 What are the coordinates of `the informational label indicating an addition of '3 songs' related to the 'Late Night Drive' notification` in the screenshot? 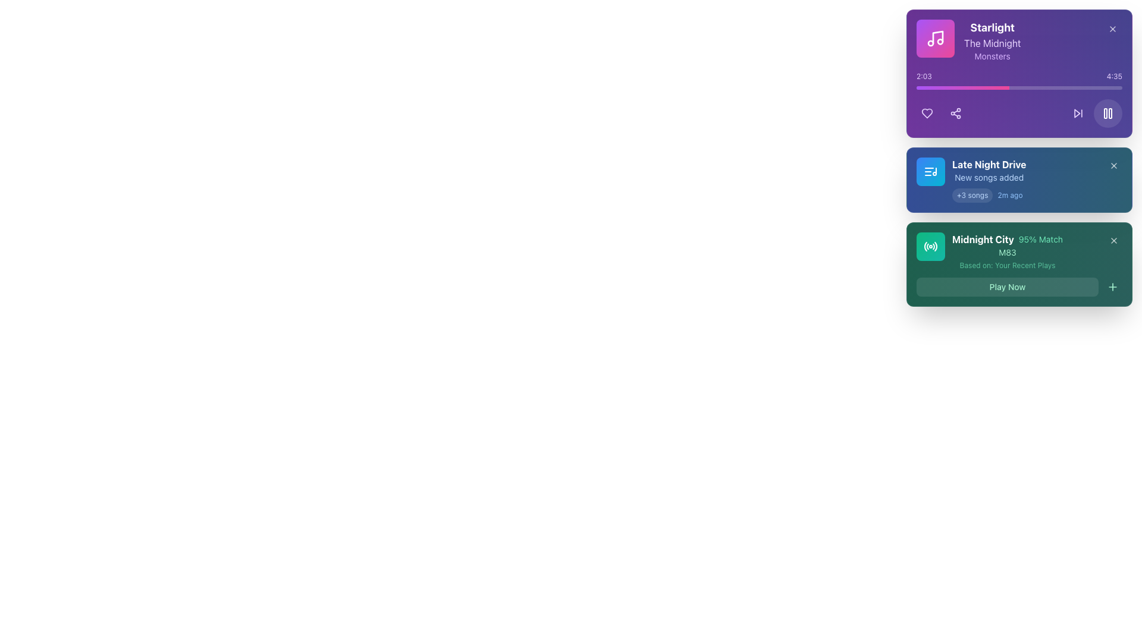 It's located at (972, 194).